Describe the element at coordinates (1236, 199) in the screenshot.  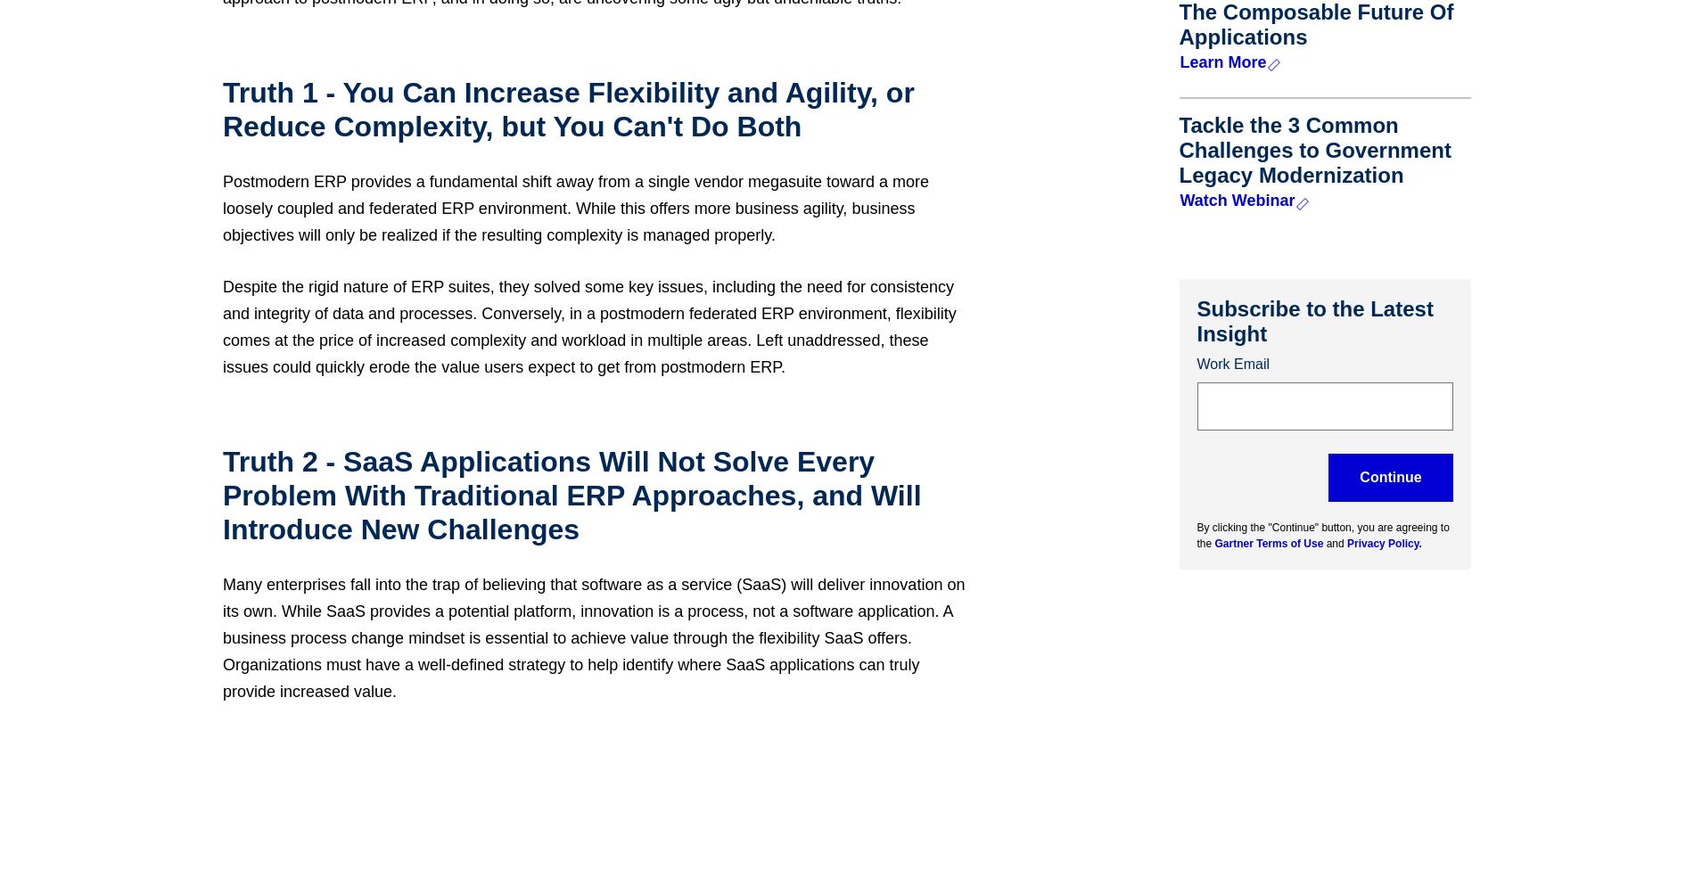
I see `'Watch Webinar'` at that location.